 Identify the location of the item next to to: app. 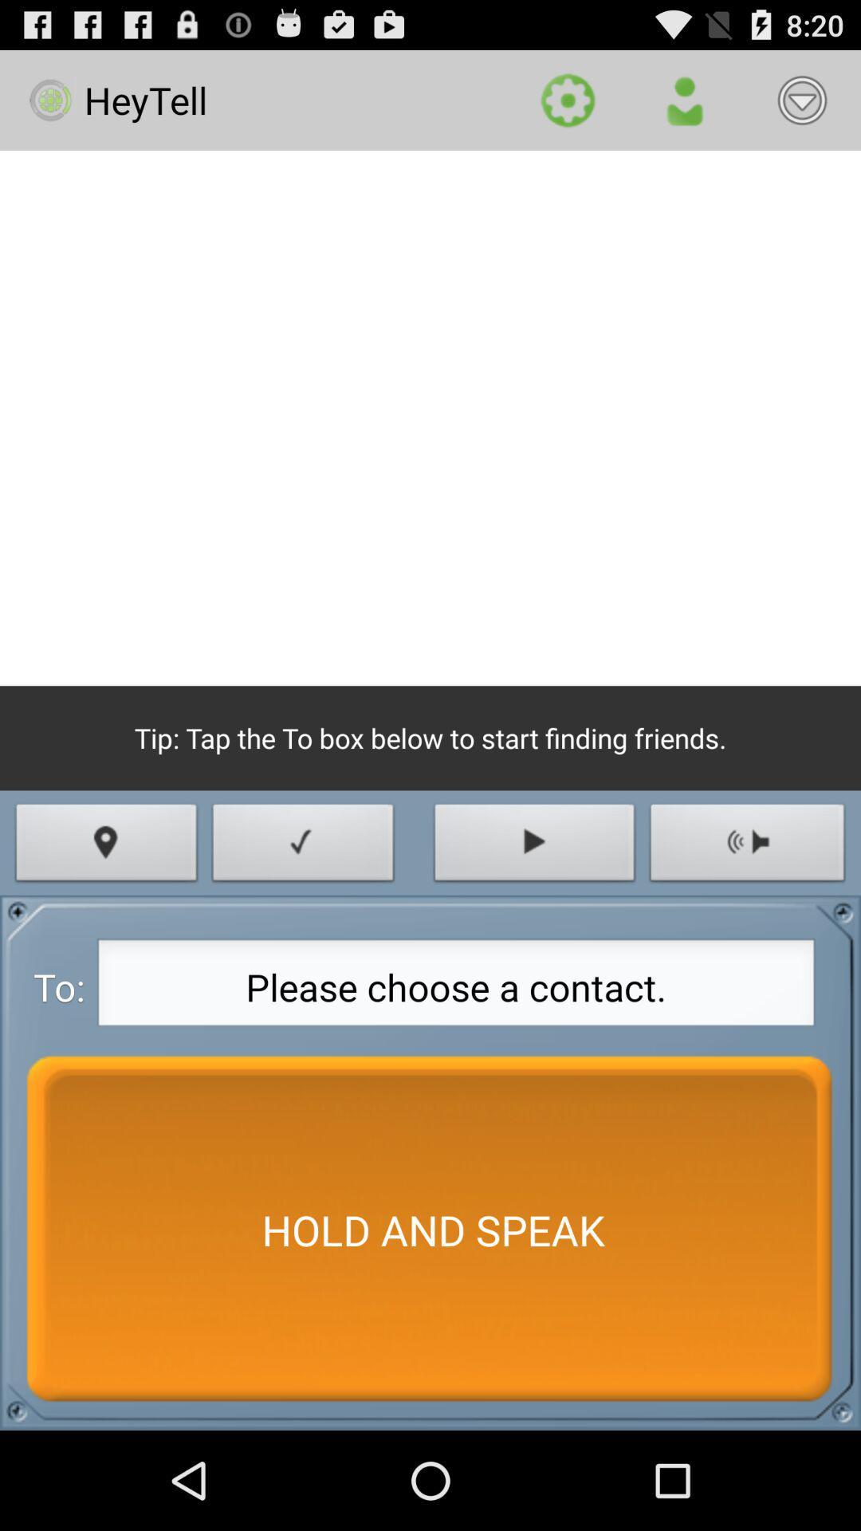
(456, 986).